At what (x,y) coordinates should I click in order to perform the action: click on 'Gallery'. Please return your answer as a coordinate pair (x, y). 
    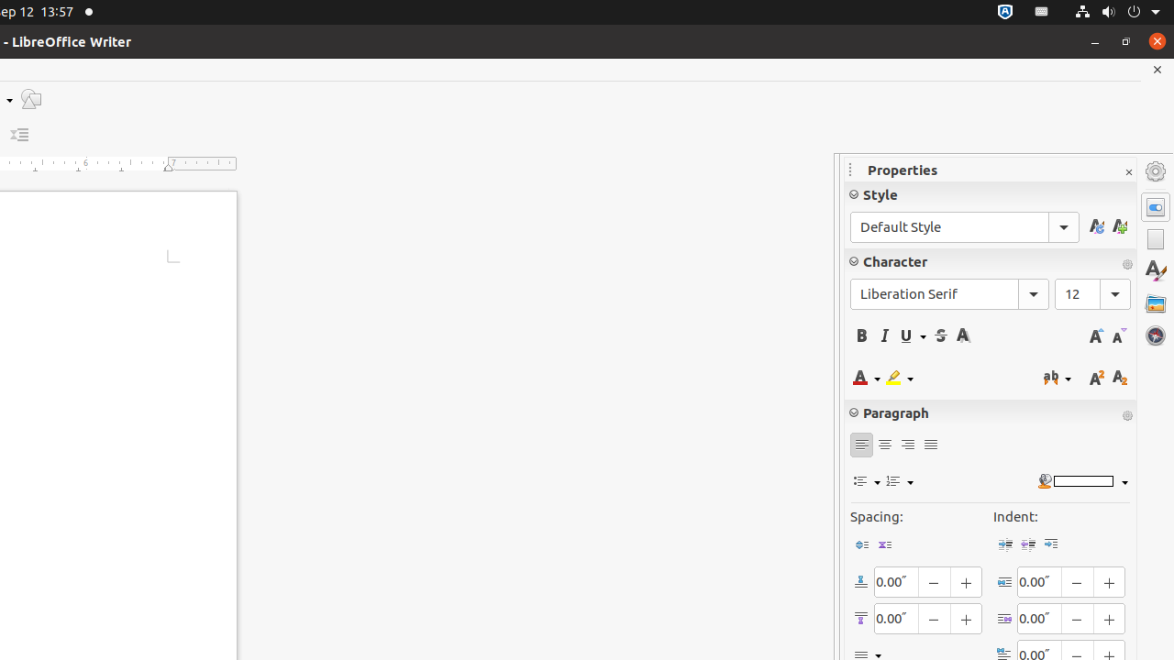
    Looking at the image, I should click on (1155, 302).